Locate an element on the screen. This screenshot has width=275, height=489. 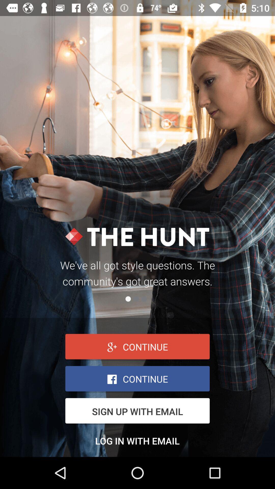
continue with google+ is located at coordinates (137, 347).